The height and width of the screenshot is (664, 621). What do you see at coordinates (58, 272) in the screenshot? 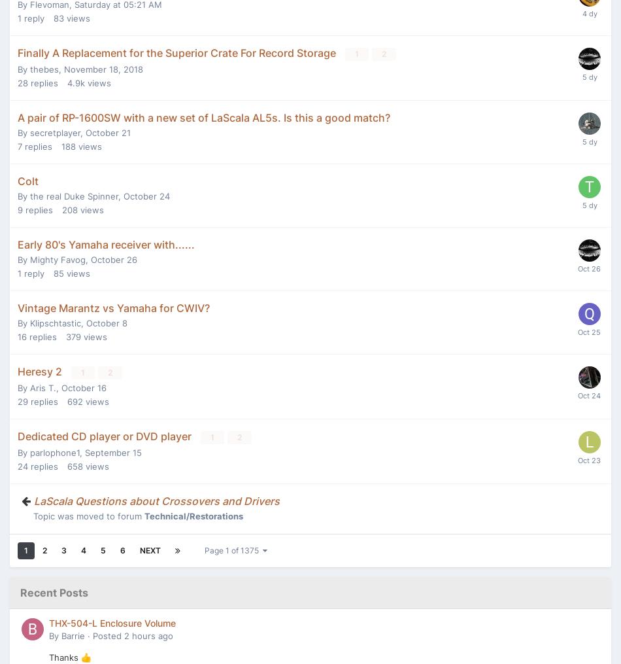
I see `'85'` at bounding box center [58, 272].